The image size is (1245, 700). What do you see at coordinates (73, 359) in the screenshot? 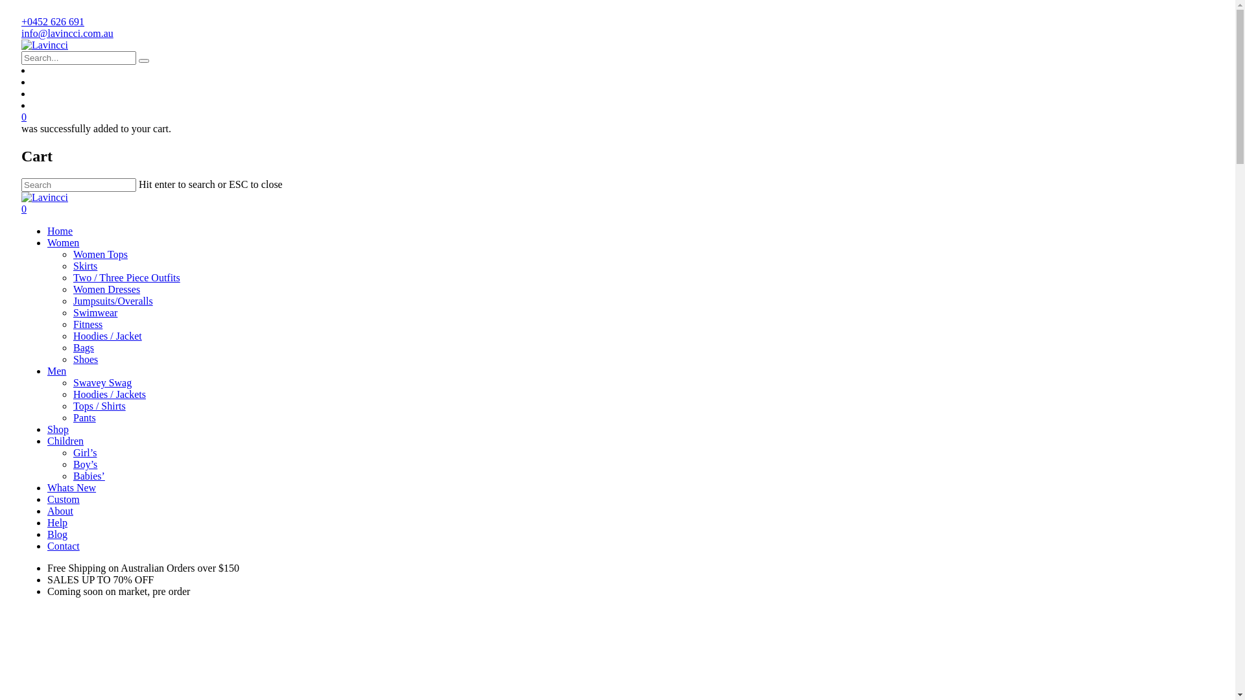
I see `'Shoes'` at bounding box center [73, 359].